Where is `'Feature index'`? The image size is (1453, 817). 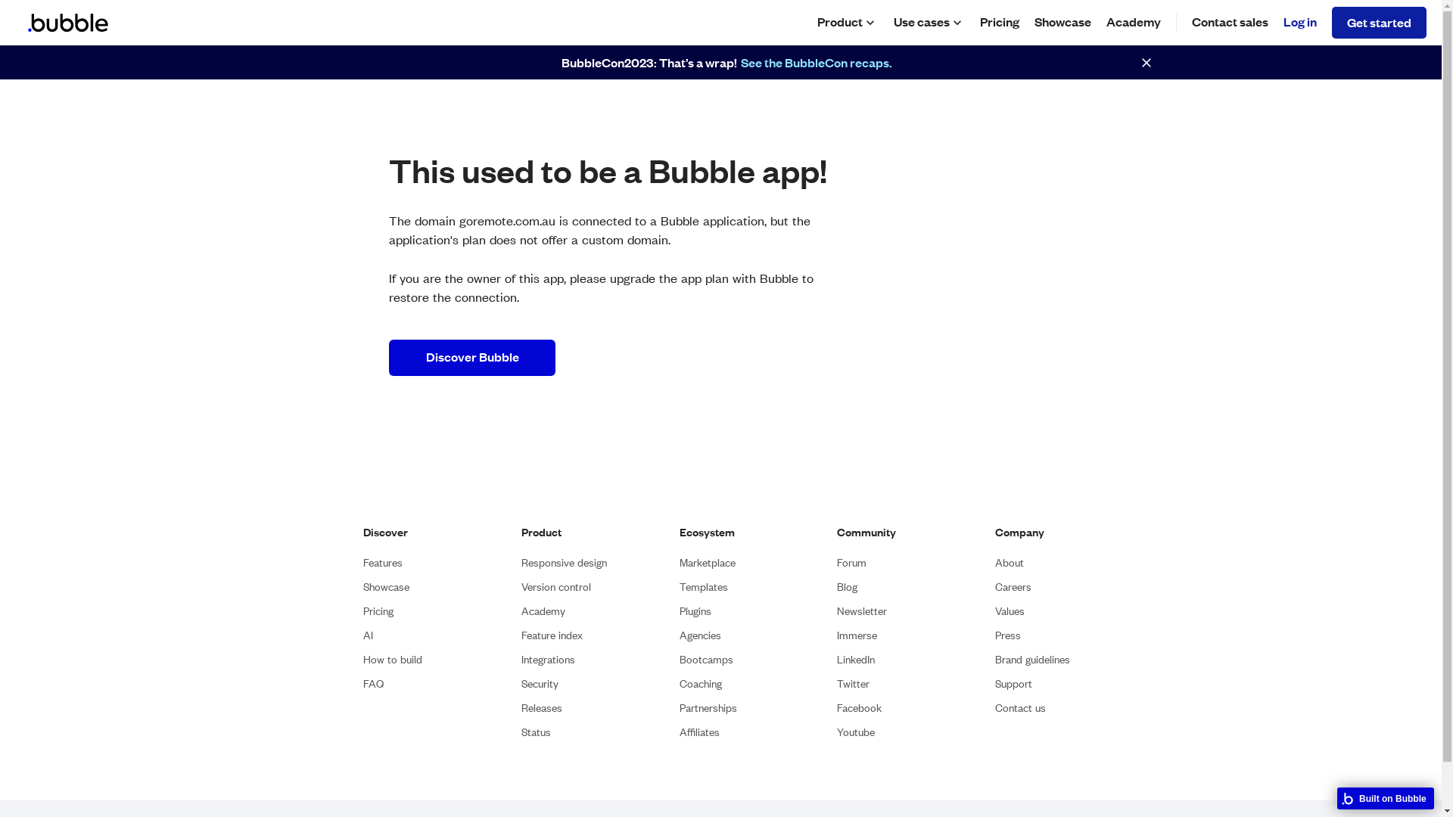 'Feature index' is located at coordinates (551, 635).